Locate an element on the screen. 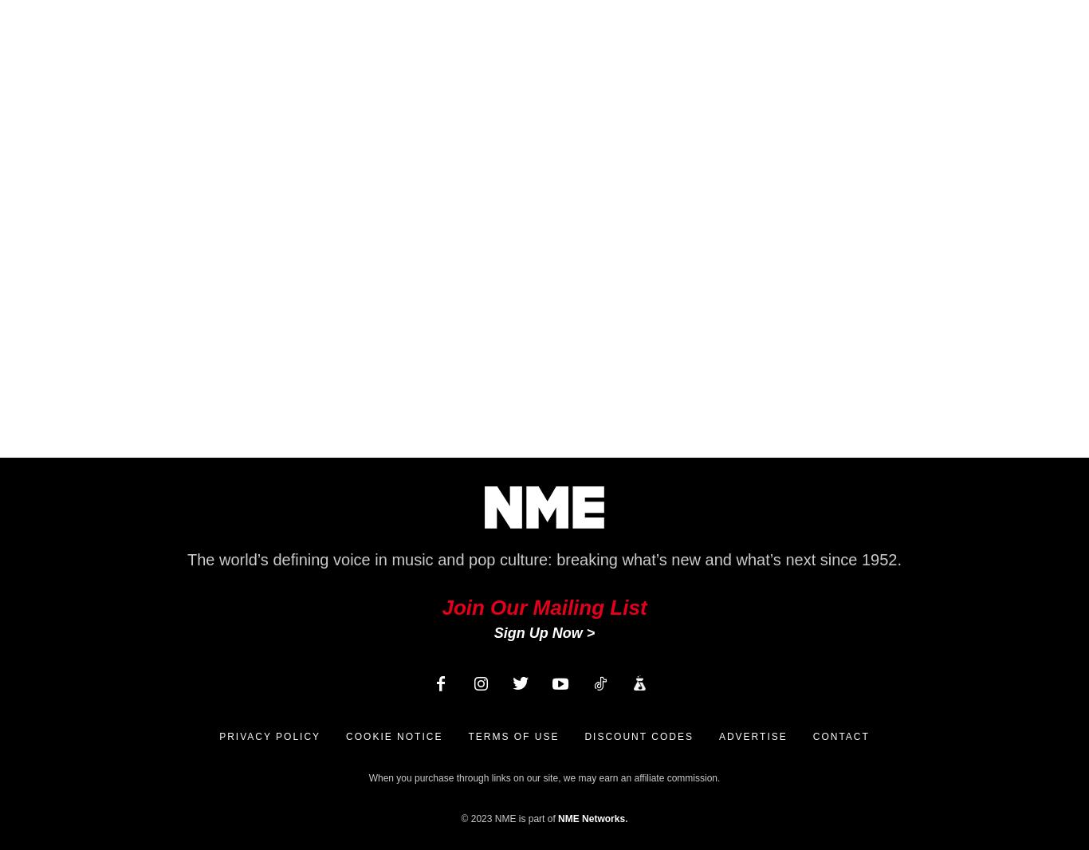  'Cookie Notice' is located at coordinates (344, 737).